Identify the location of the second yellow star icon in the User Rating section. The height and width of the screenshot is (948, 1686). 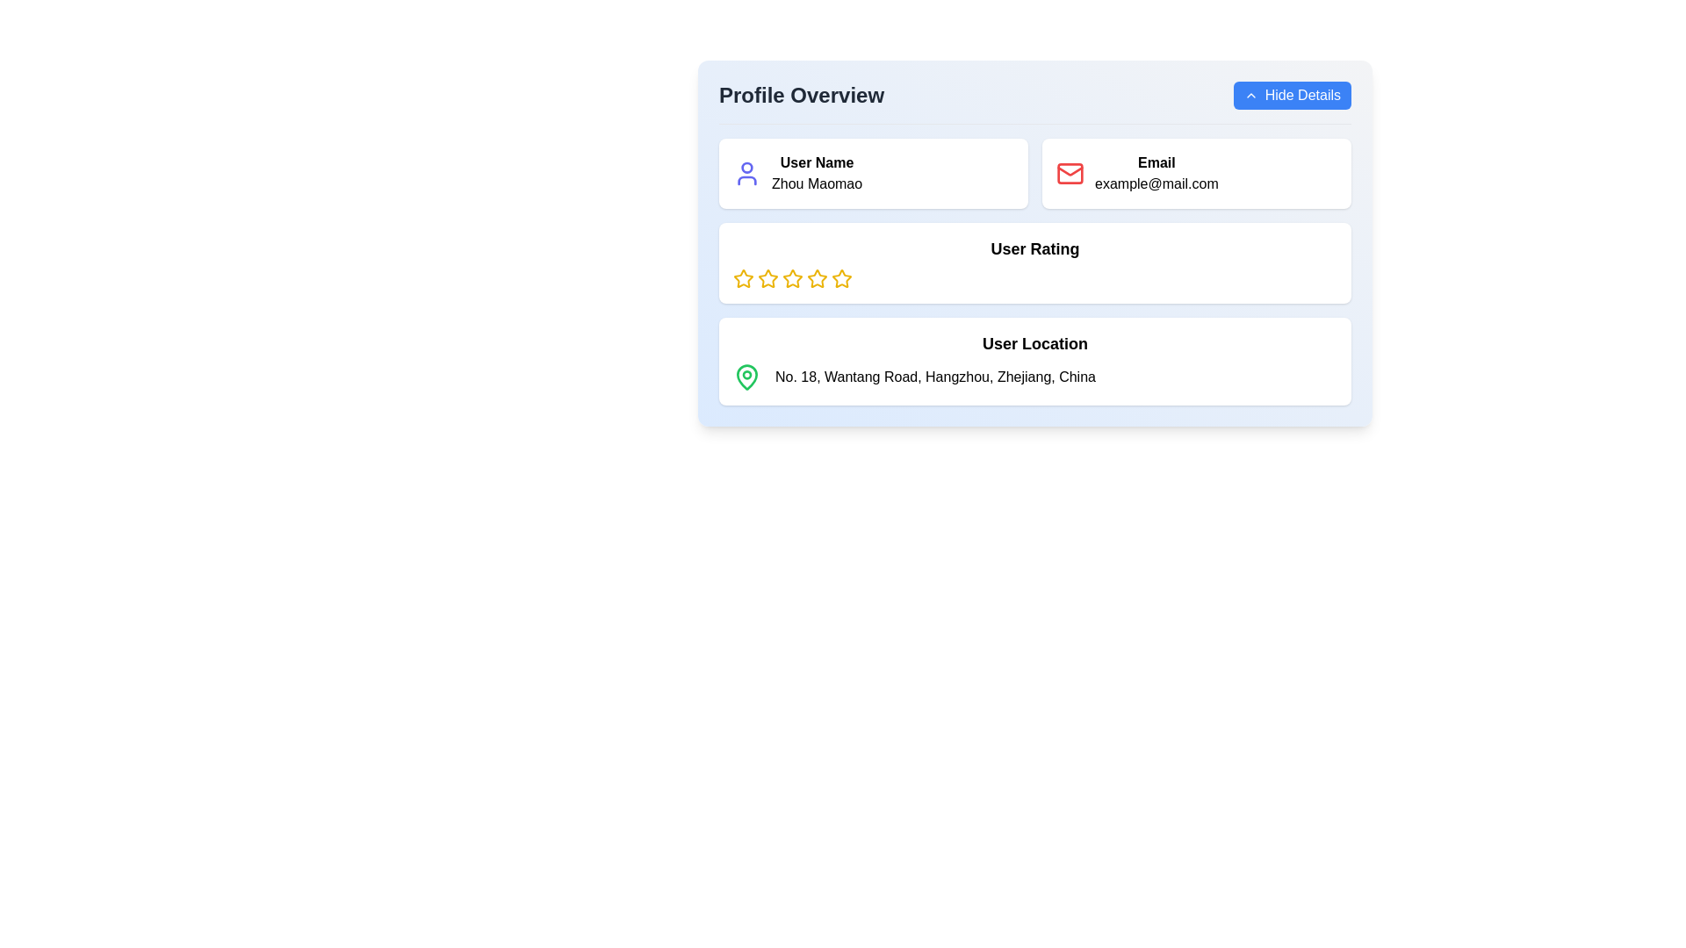
(791, 277).